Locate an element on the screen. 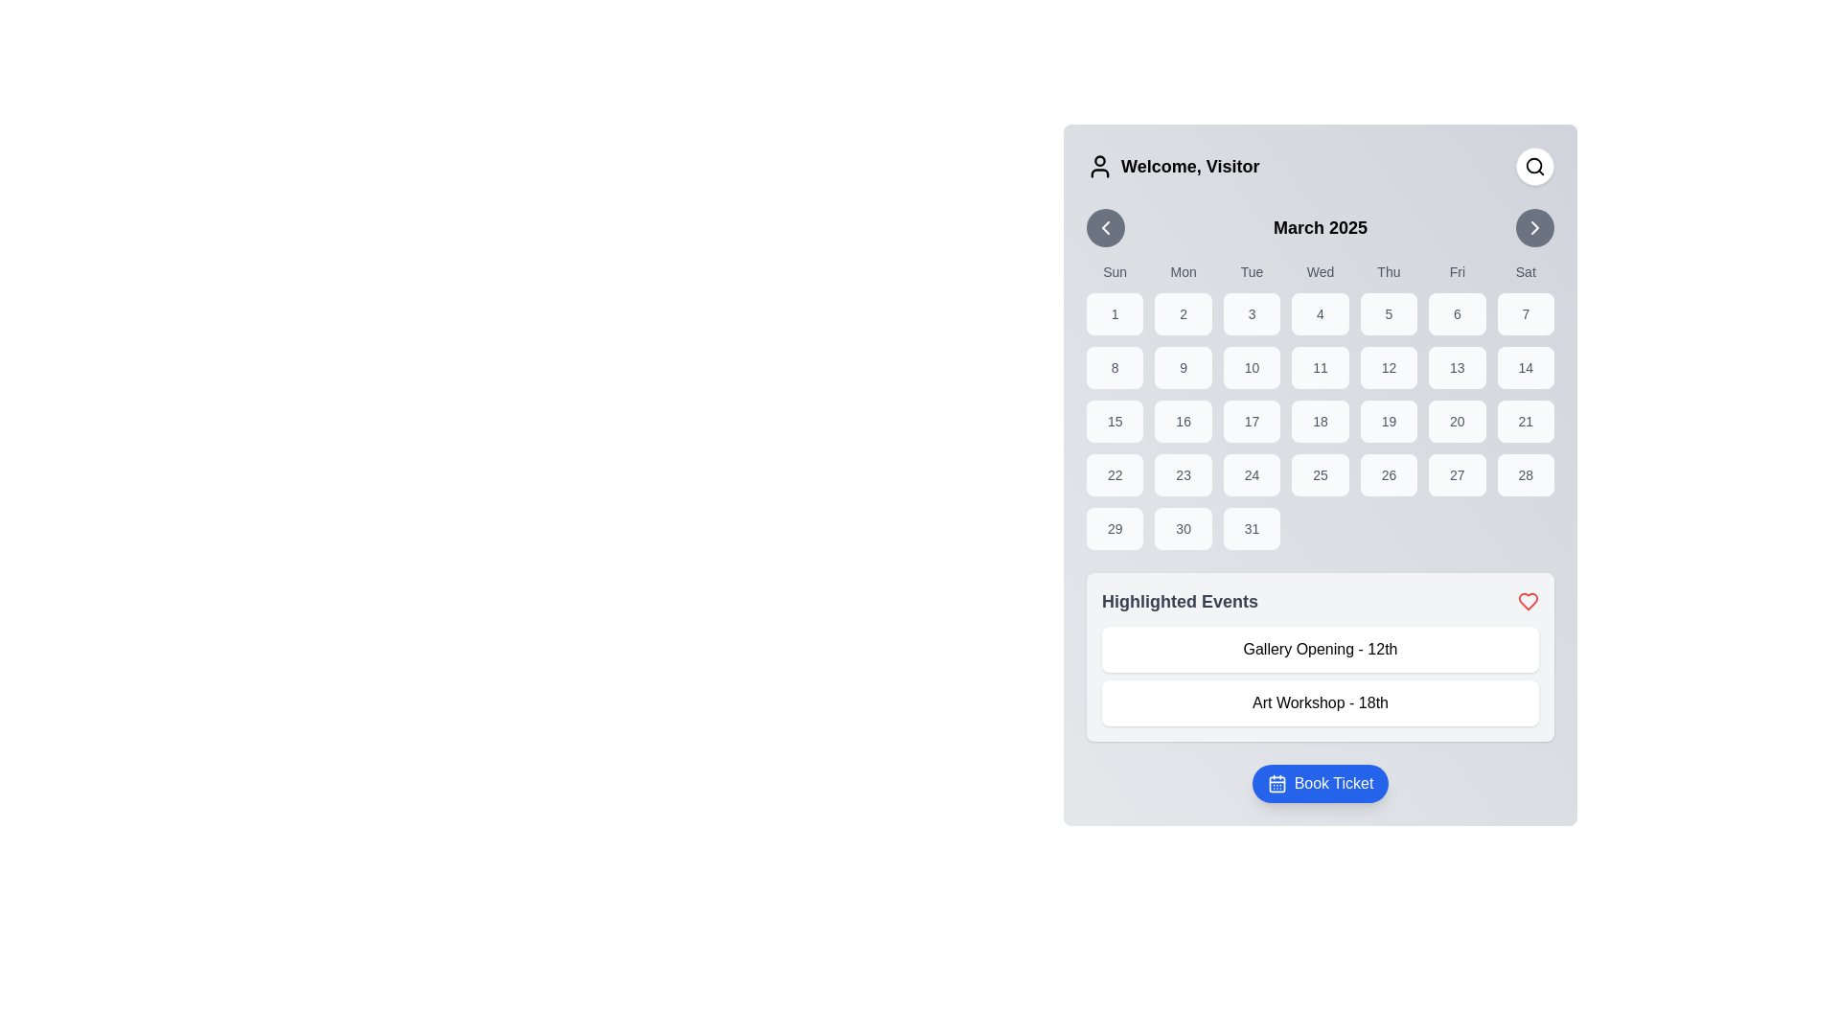 This screenshot has height=1035, width=1840. welcoming header text label located at the top center of the interface, which conveys the user's status or greeting is located at coordinates (1189, 165).